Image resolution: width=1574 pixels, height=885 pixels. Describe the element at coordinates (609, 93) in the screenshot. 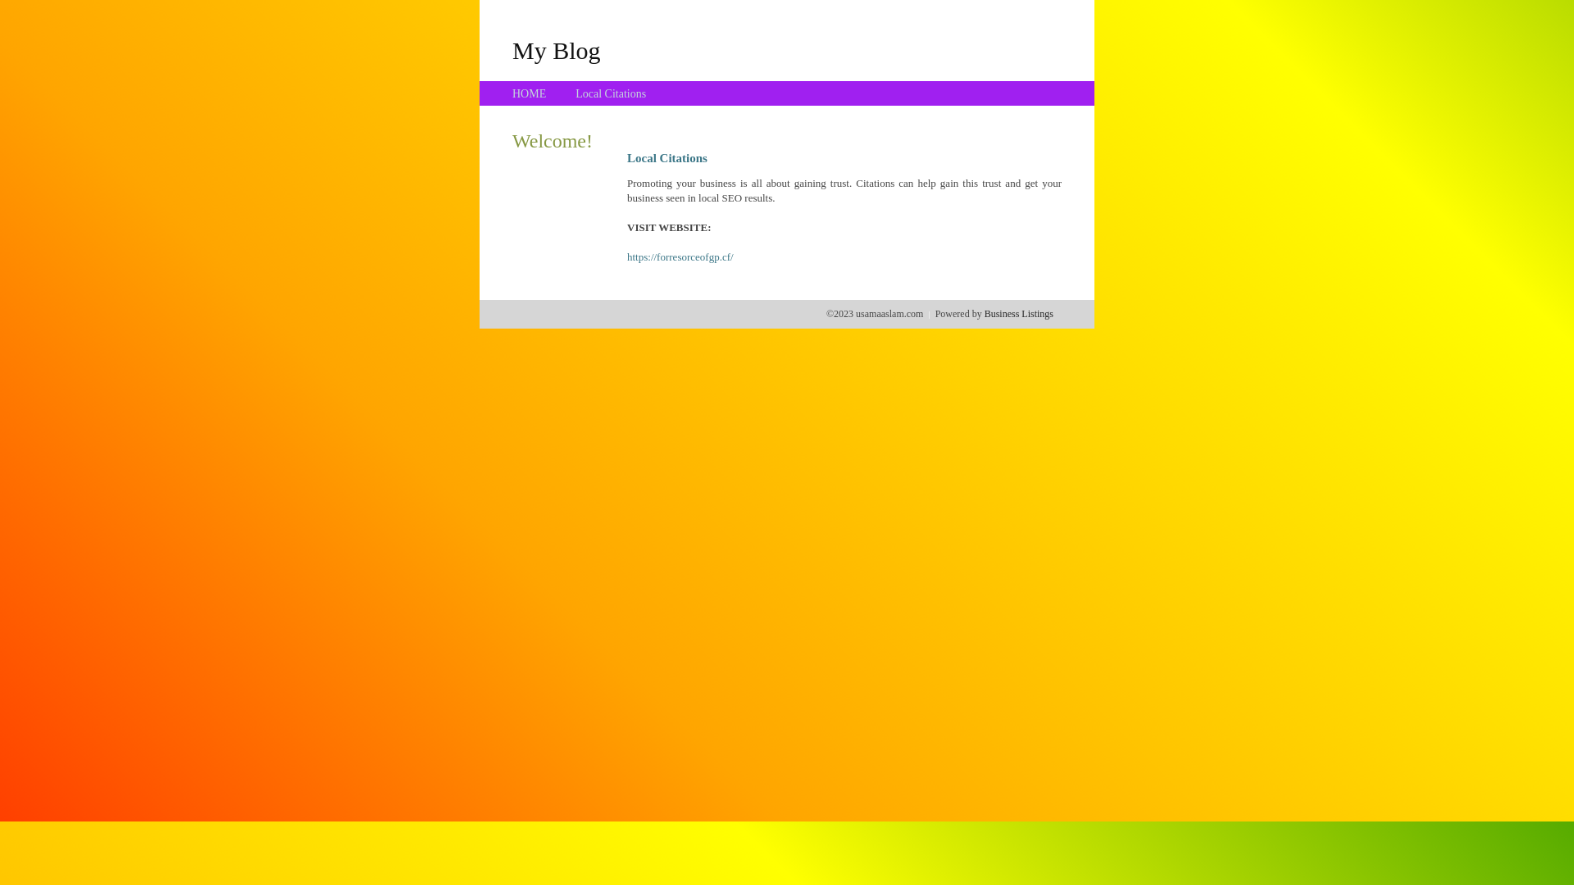

I see `'Local Citations'` at that location.